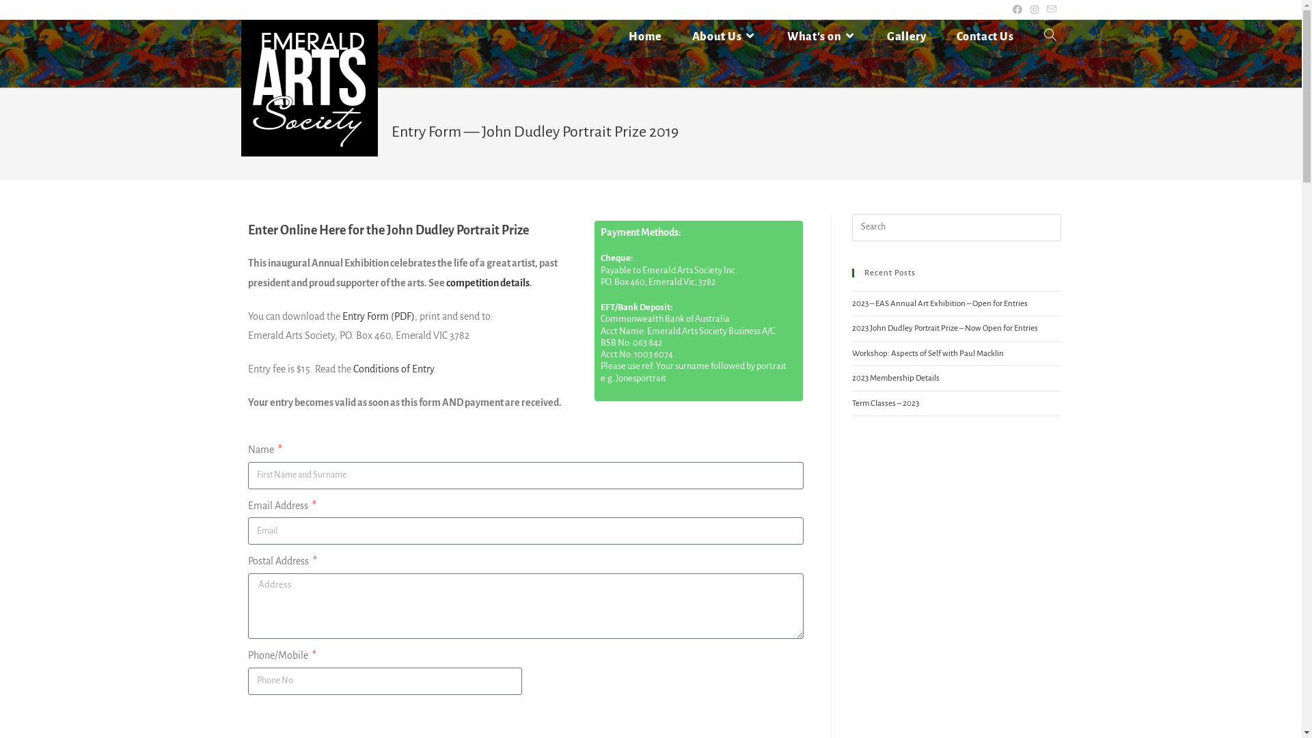  What do you see at coordinates (940, 36) in the screenshot?
I see `'Contact Us'` at bounding box center [940, 36].